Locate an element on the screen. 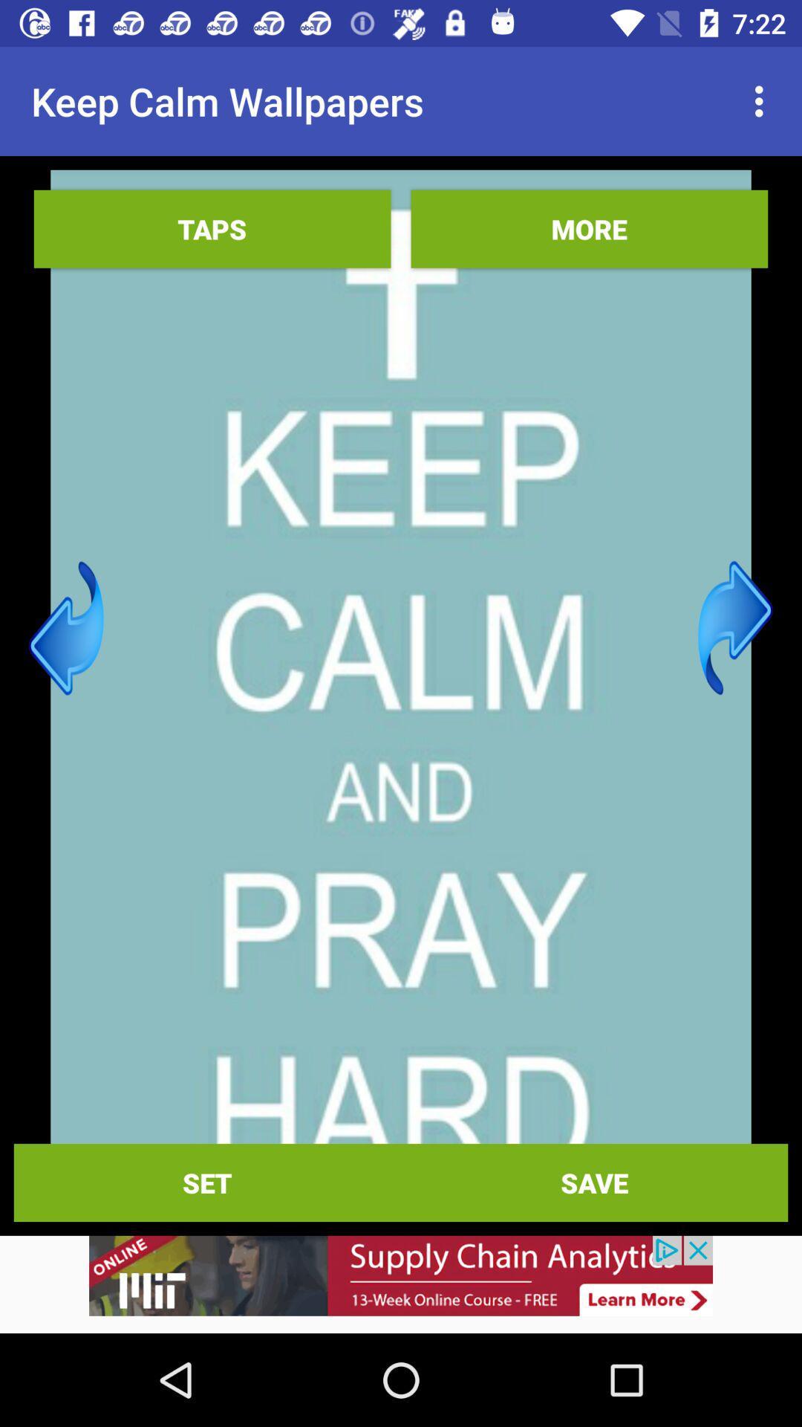  click advertisement is located at coordinates (401, 1284).